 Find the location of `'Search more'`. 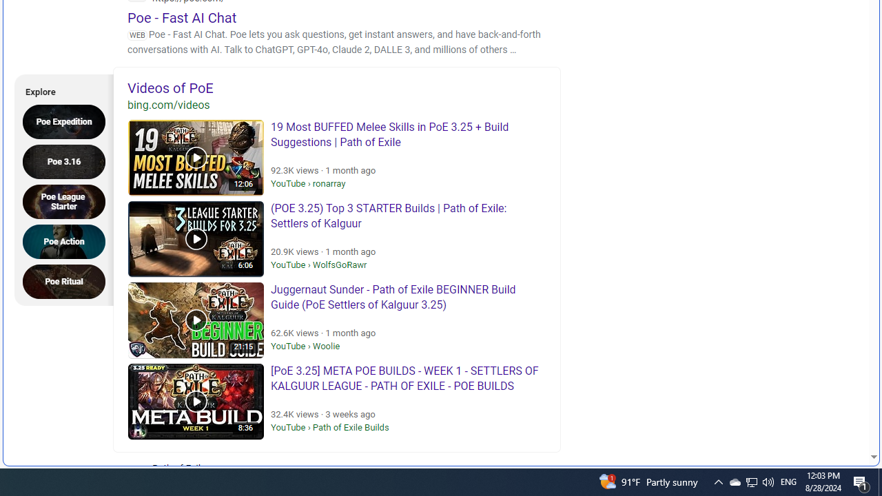

'Search more' is located at coordinates (842, 415).